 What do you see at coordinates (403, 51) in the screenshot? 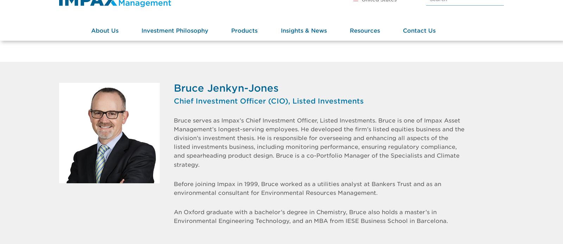
I see `'Contact'` at bounding box center [403, 51].